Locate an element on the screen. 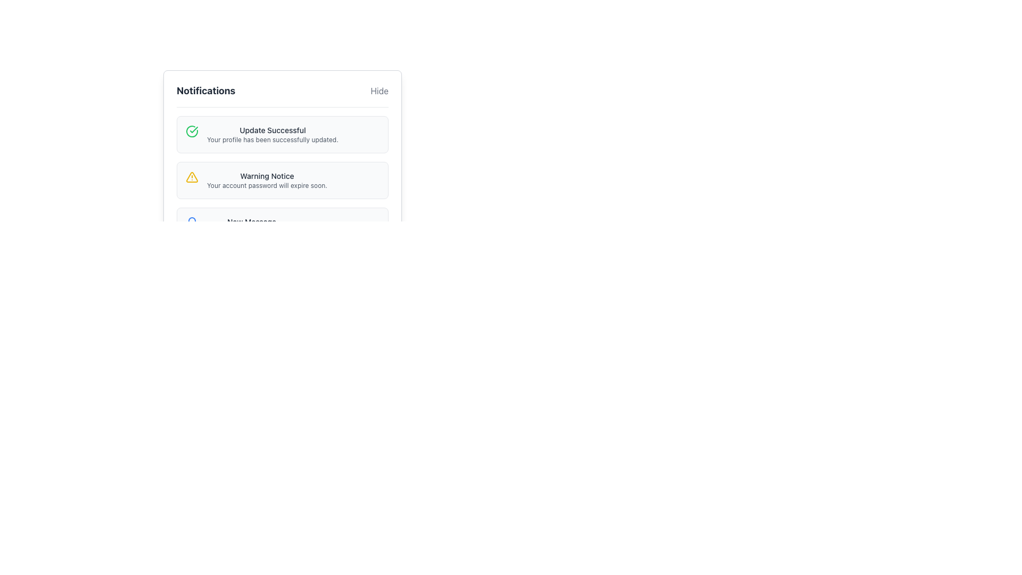 The width and height of the screenshot is (1022, 575). the circular green checkmark icon located in the upper-left corner of the notification box titled 'Update Successful' is located at coordinates (192, 130).